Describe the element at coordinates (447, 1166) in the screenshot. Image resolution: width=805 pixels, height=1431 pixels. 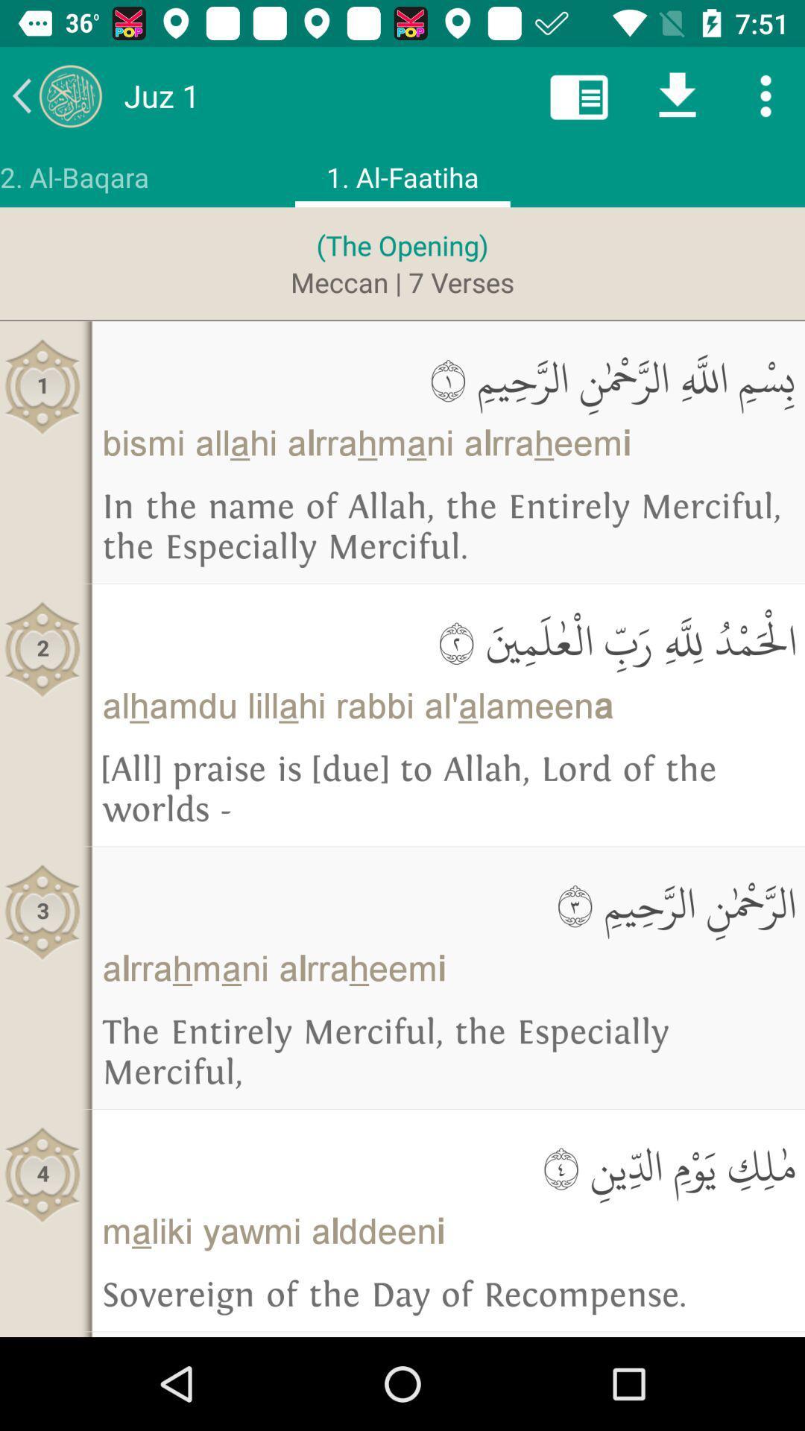
I see `the icon next to 4 item` at that location.